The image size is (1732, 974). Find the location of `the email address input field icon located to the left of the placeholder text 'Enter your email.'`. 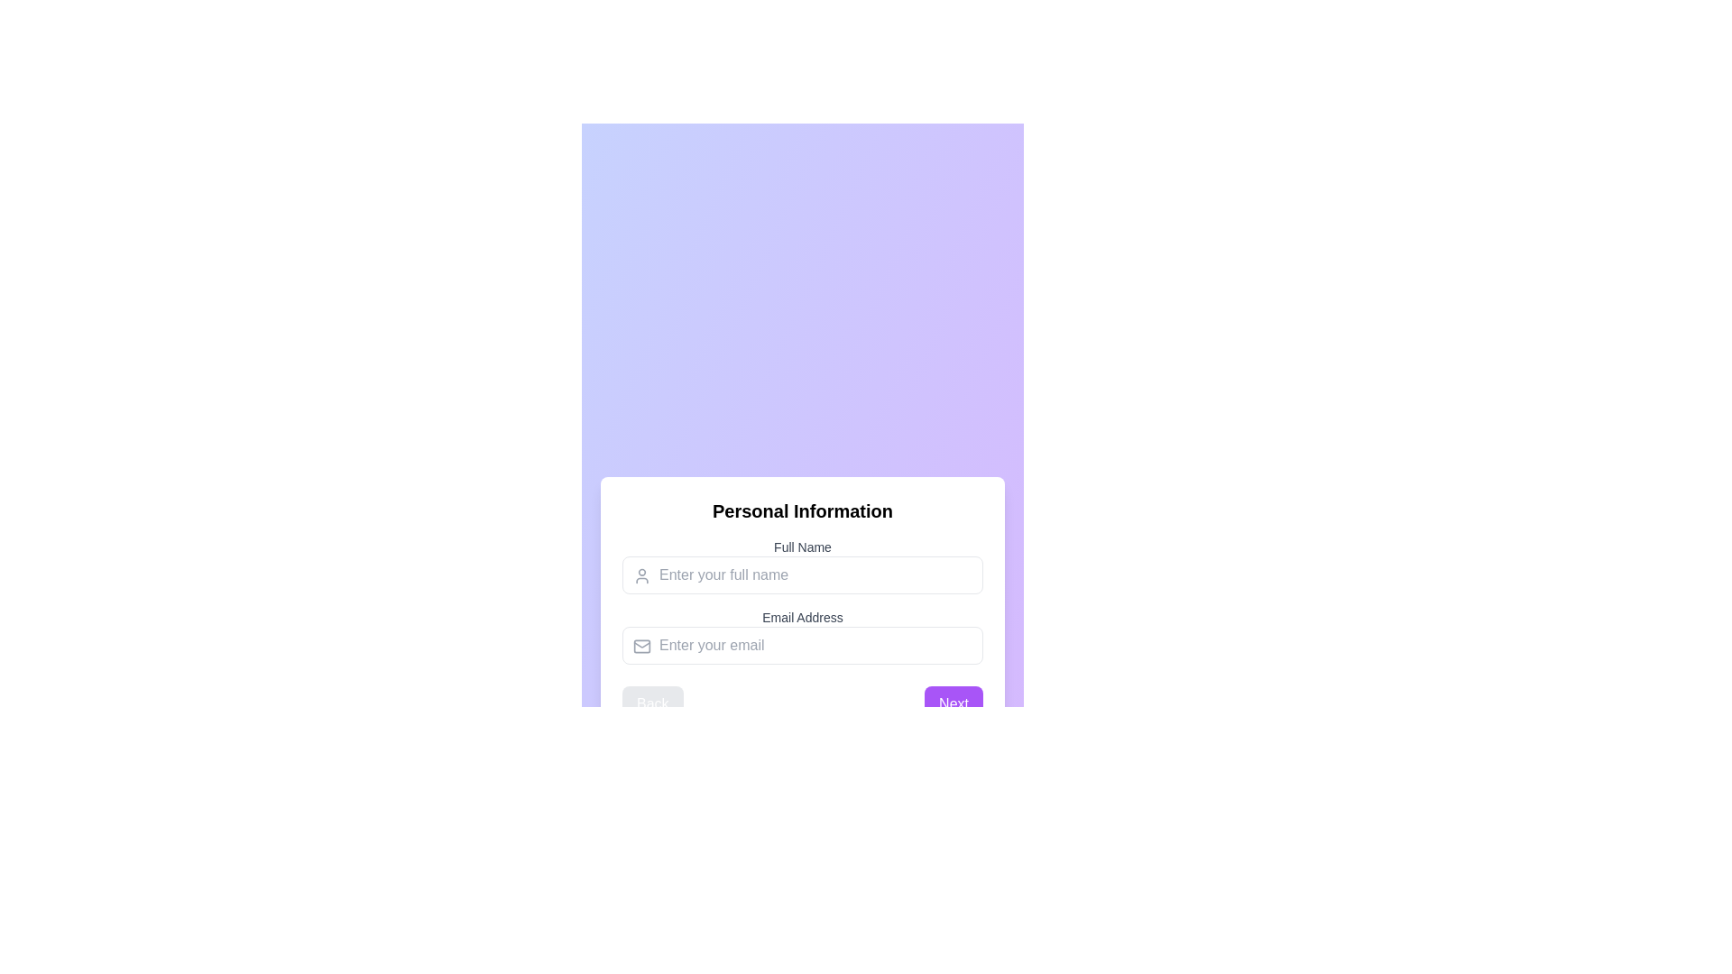

the email address input field icon located to the left of the placeholder text 'Enter your email.' is located at coordinates (641, 646).